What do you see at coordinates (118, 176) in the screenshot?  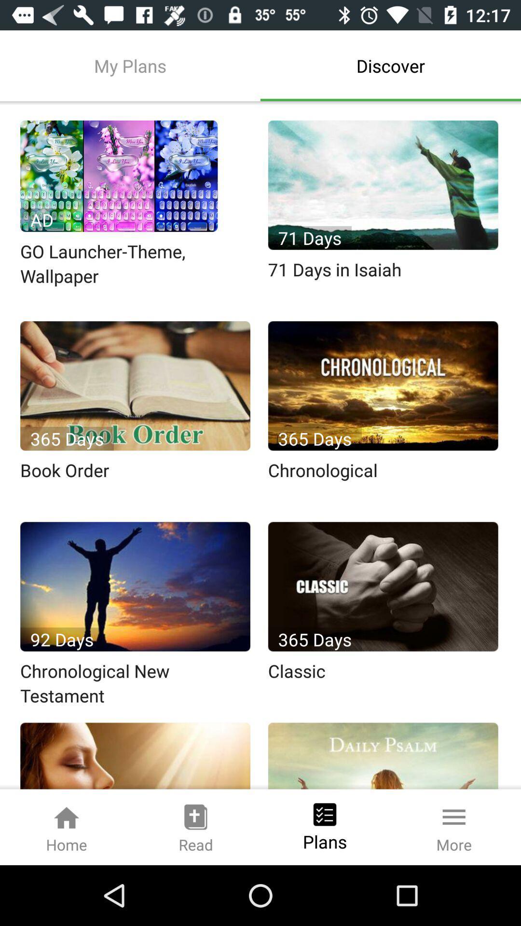 I see `the first picture` at bounding box center [118, 176].